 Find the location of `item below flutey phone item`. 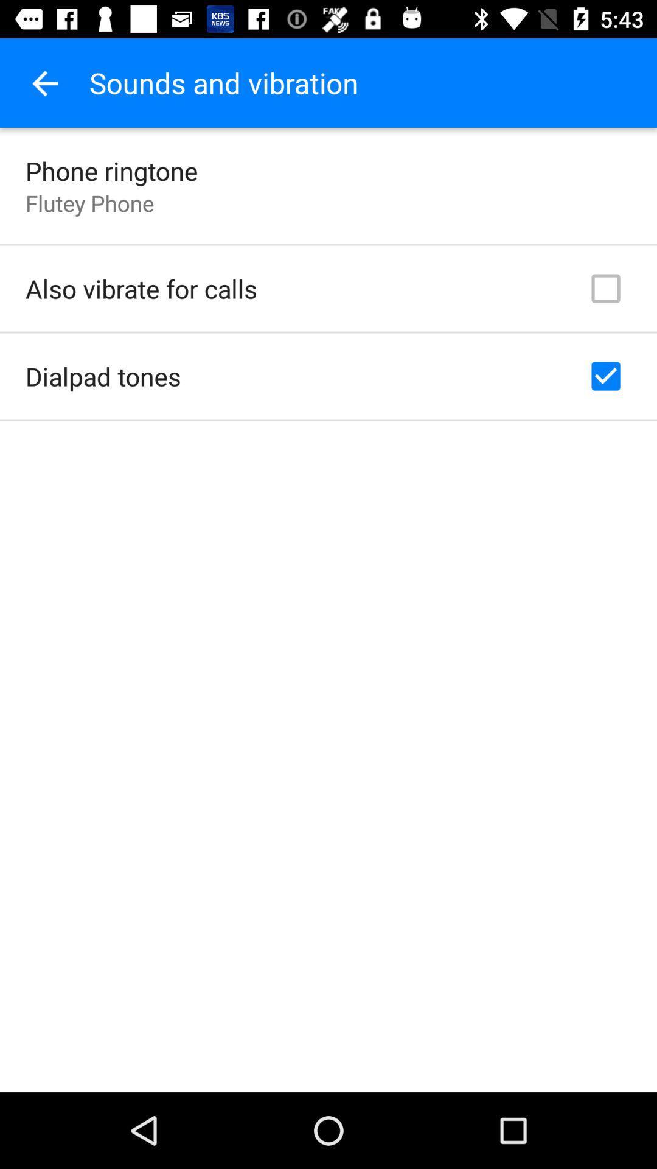

item below flutey phone item is located at coordinates (141, 288).